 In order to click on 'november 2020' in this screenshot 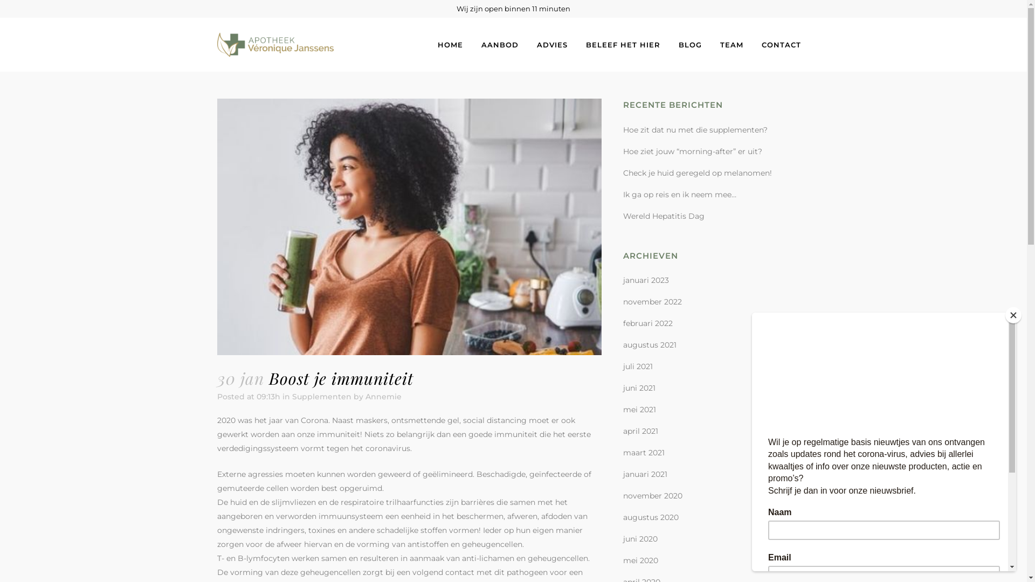, I will do `click(652, 496)`.